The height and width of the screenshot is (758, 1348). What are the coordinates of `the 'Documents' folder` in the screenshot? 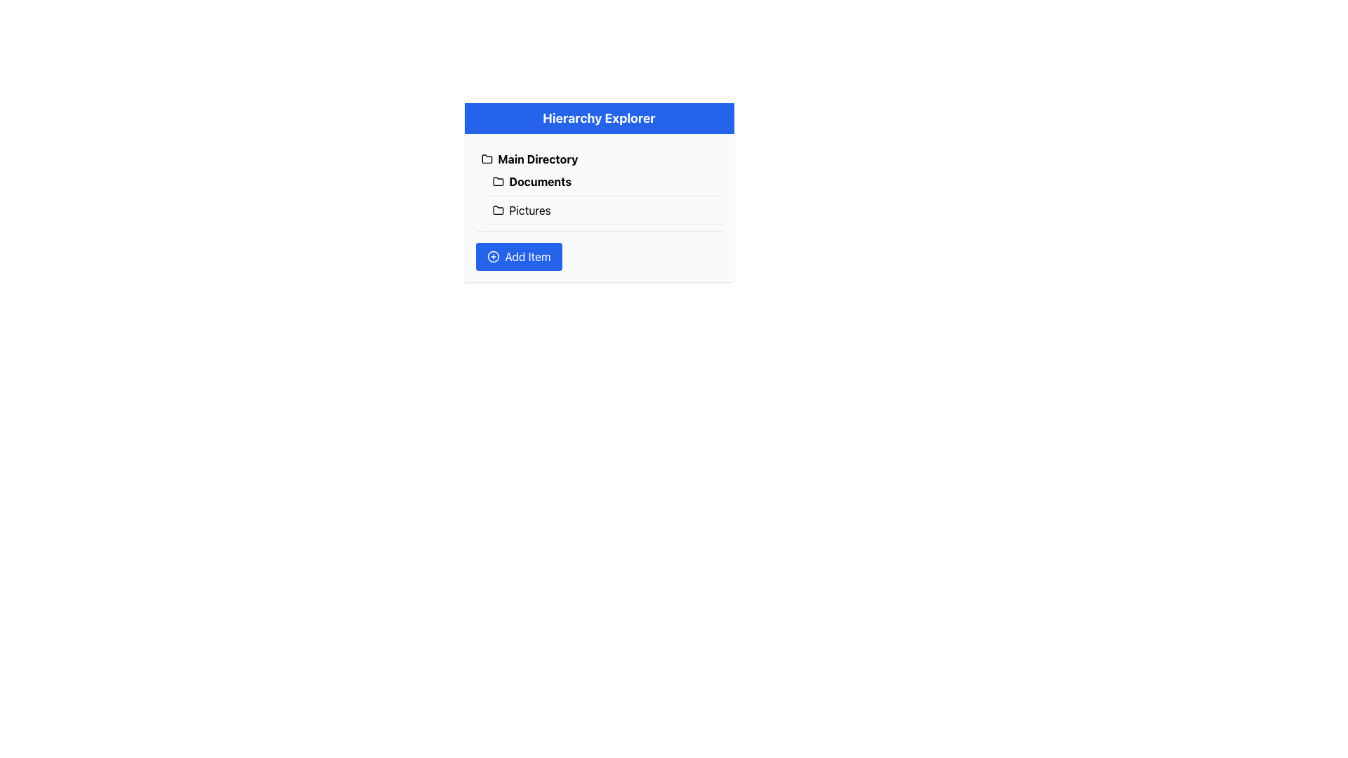 It's located at (604, 197).